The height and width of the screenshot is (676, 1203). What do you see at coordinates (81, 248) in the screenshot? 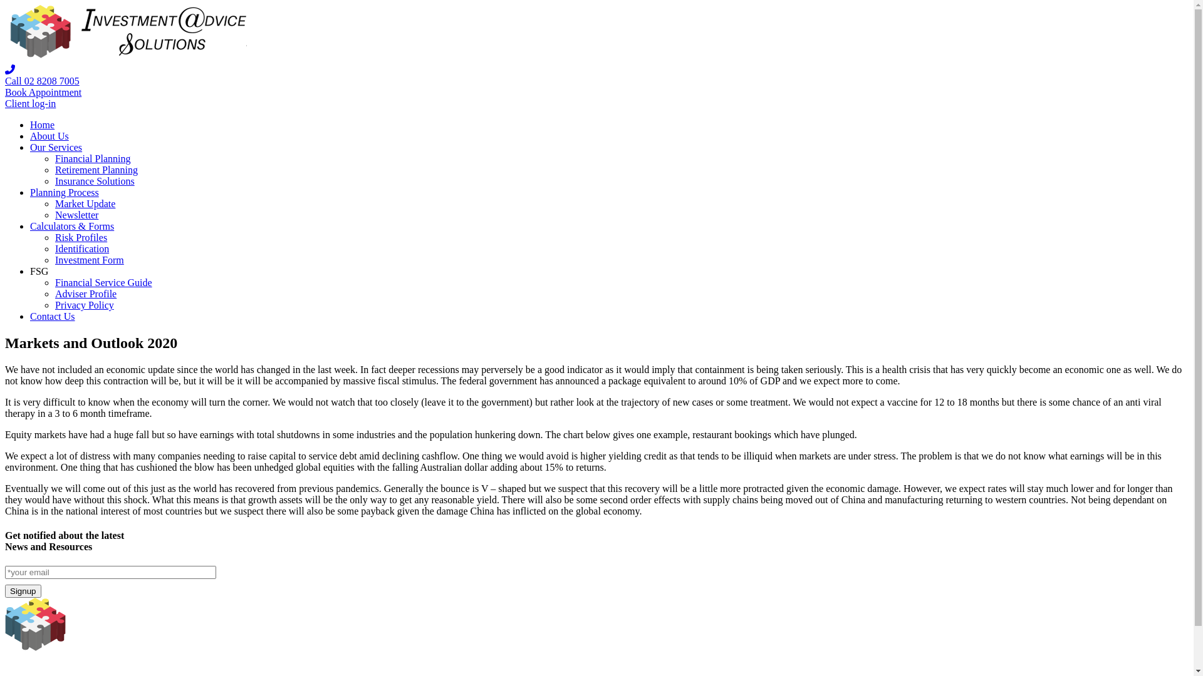
I see `'Identification'` at bounding box center [81, 248].